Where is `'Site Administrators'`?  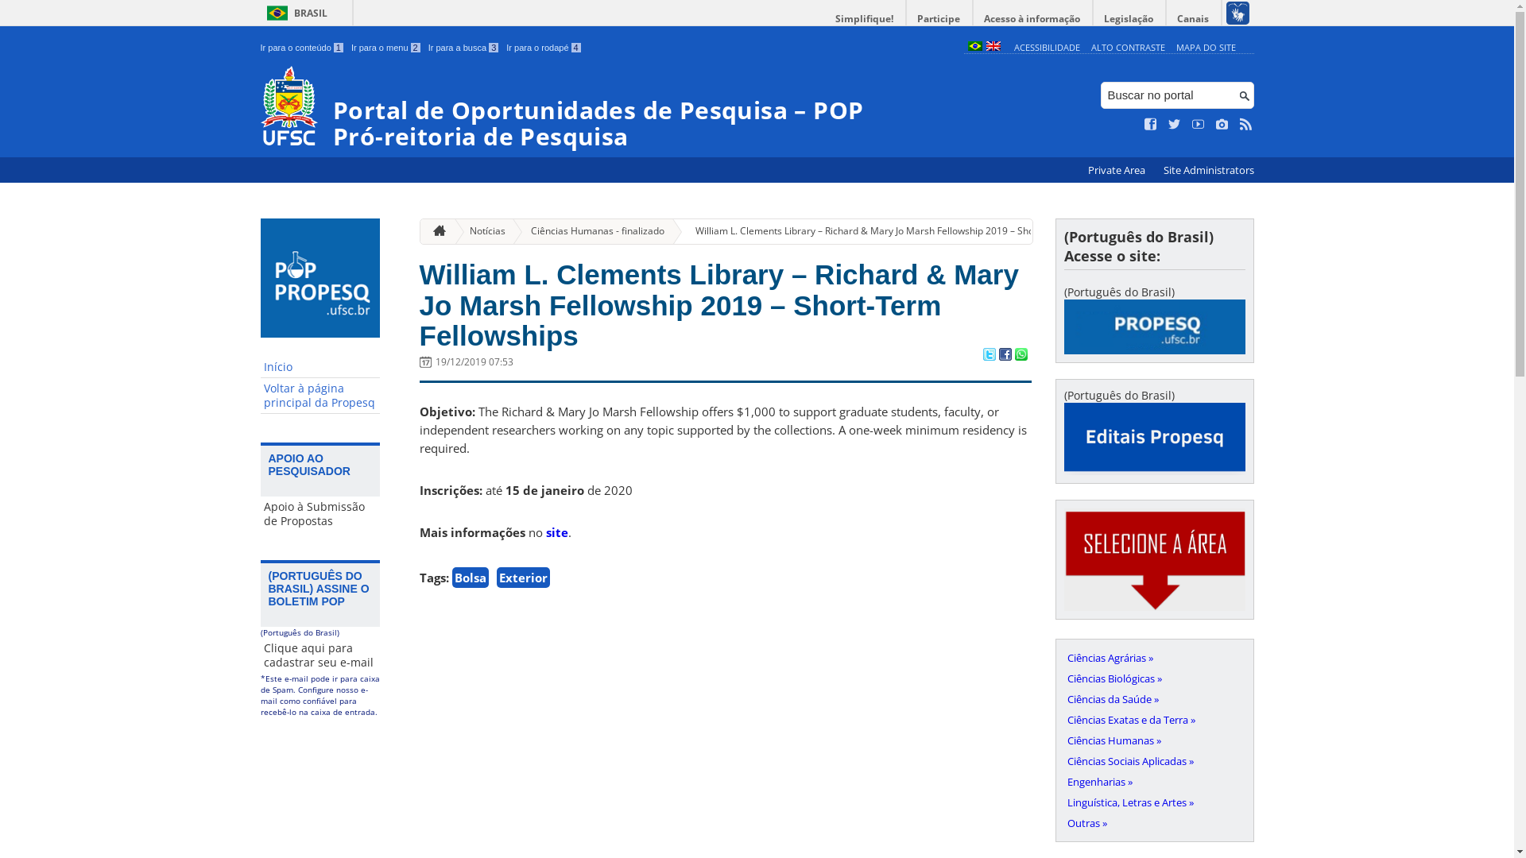 'Site Administrators' is located at coordinates (1156, 170).